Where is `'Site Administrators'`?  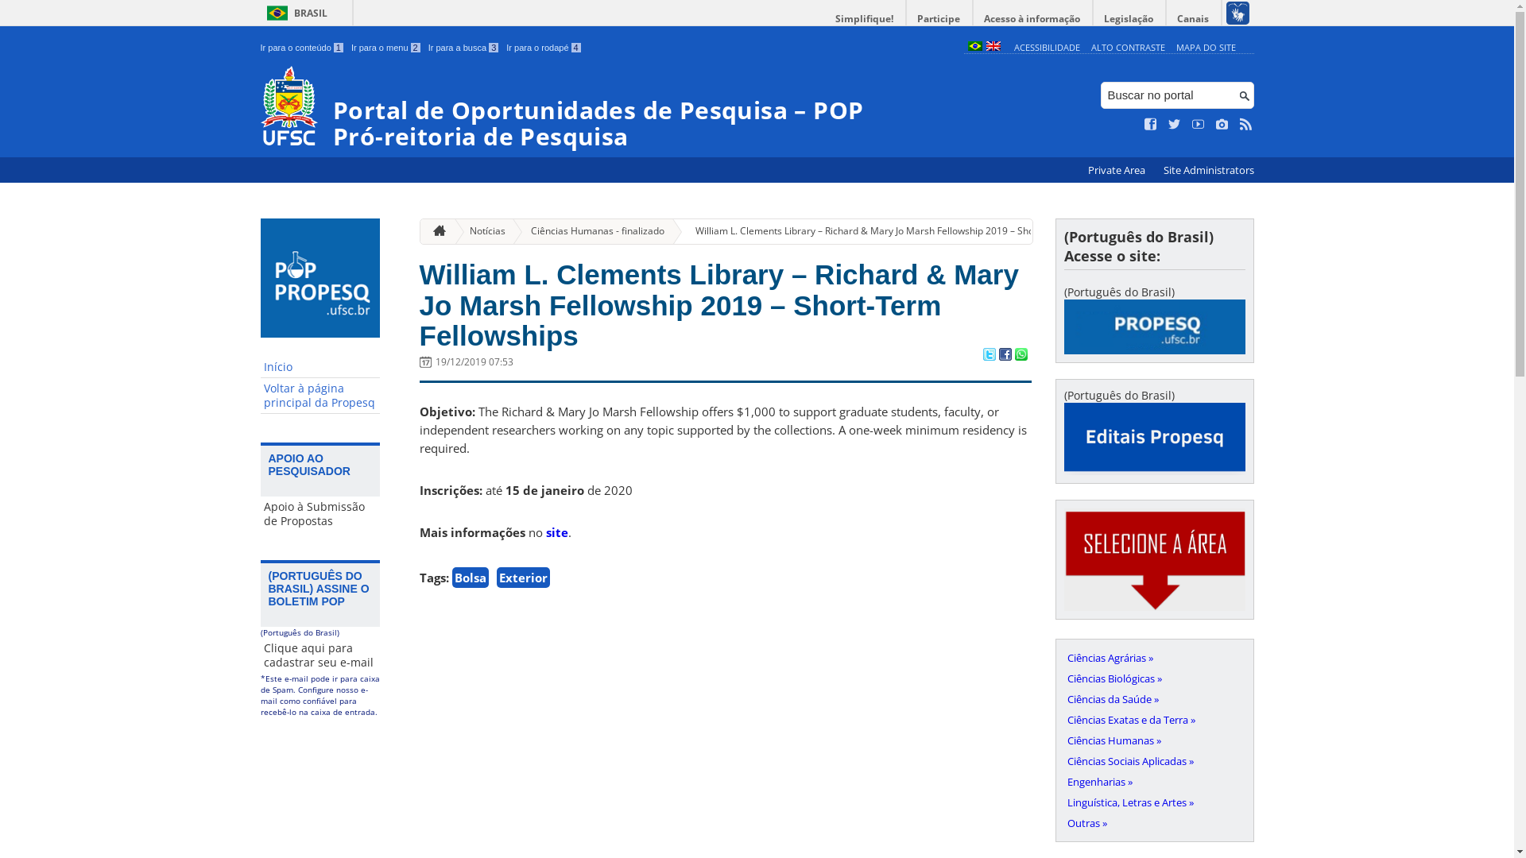 'Site Administrators' is located at coordinates (1156, 170).